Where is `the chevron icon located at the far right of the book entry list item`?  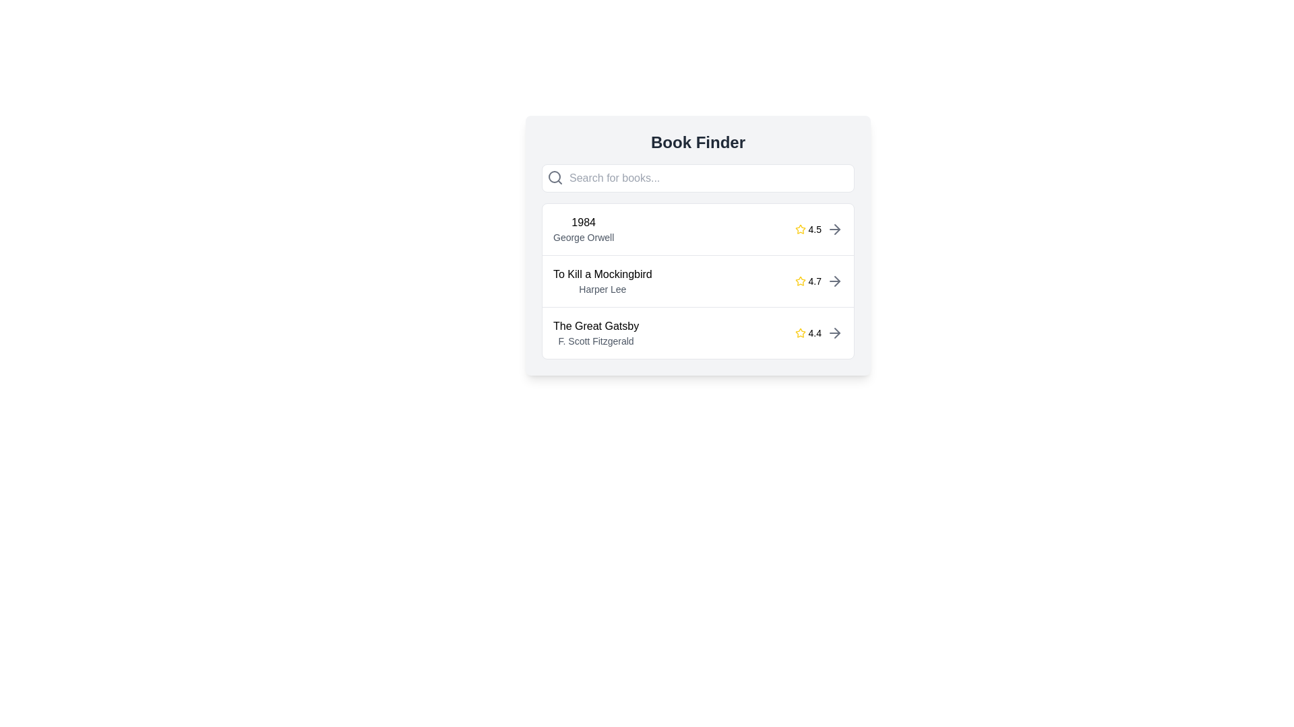
the chevron icon located at the far right of the book entry list item is located at coordinates (836, 333).